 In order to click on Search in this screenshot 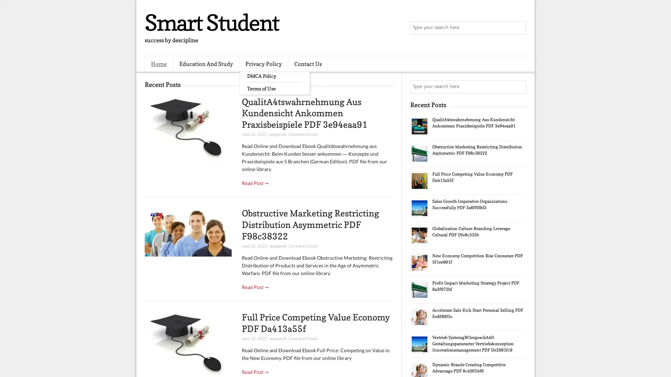, I will do `click(519, 87)`.